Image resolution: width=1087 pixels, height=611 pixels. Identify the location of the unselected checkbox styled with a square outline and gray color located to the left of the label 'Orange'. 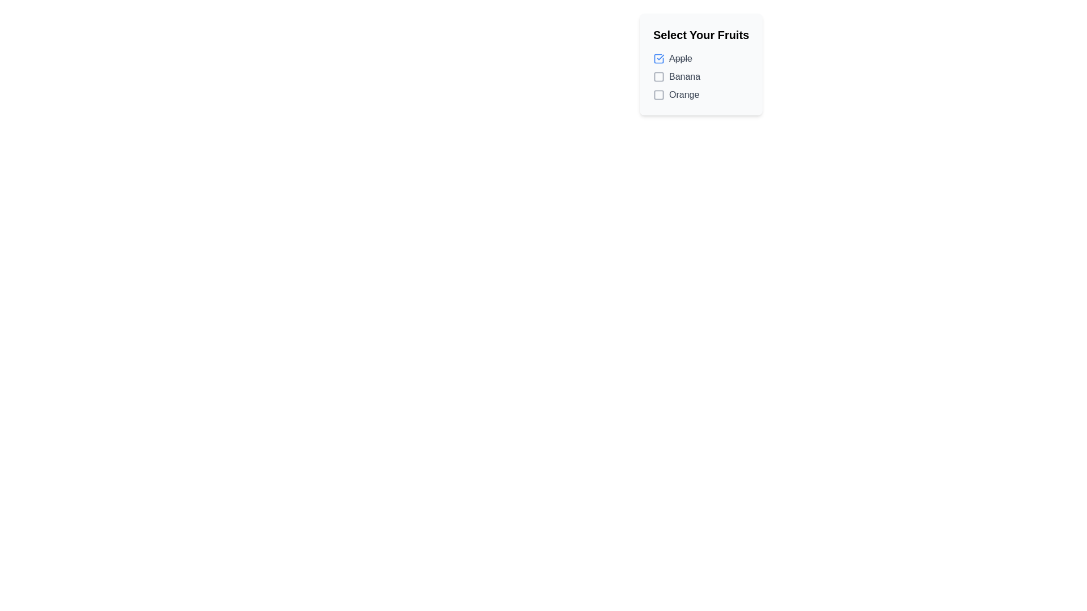
(658, 94).